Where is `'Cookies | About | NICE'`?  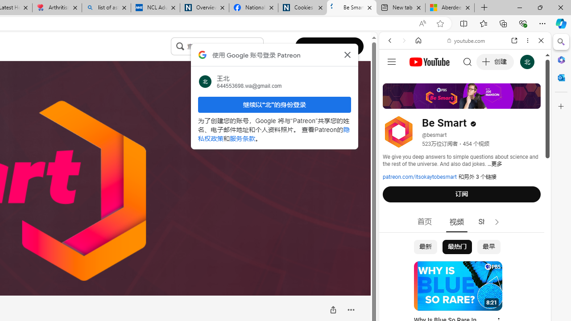
'Cookies | About | NICE' is located at coordinates (302, 8).